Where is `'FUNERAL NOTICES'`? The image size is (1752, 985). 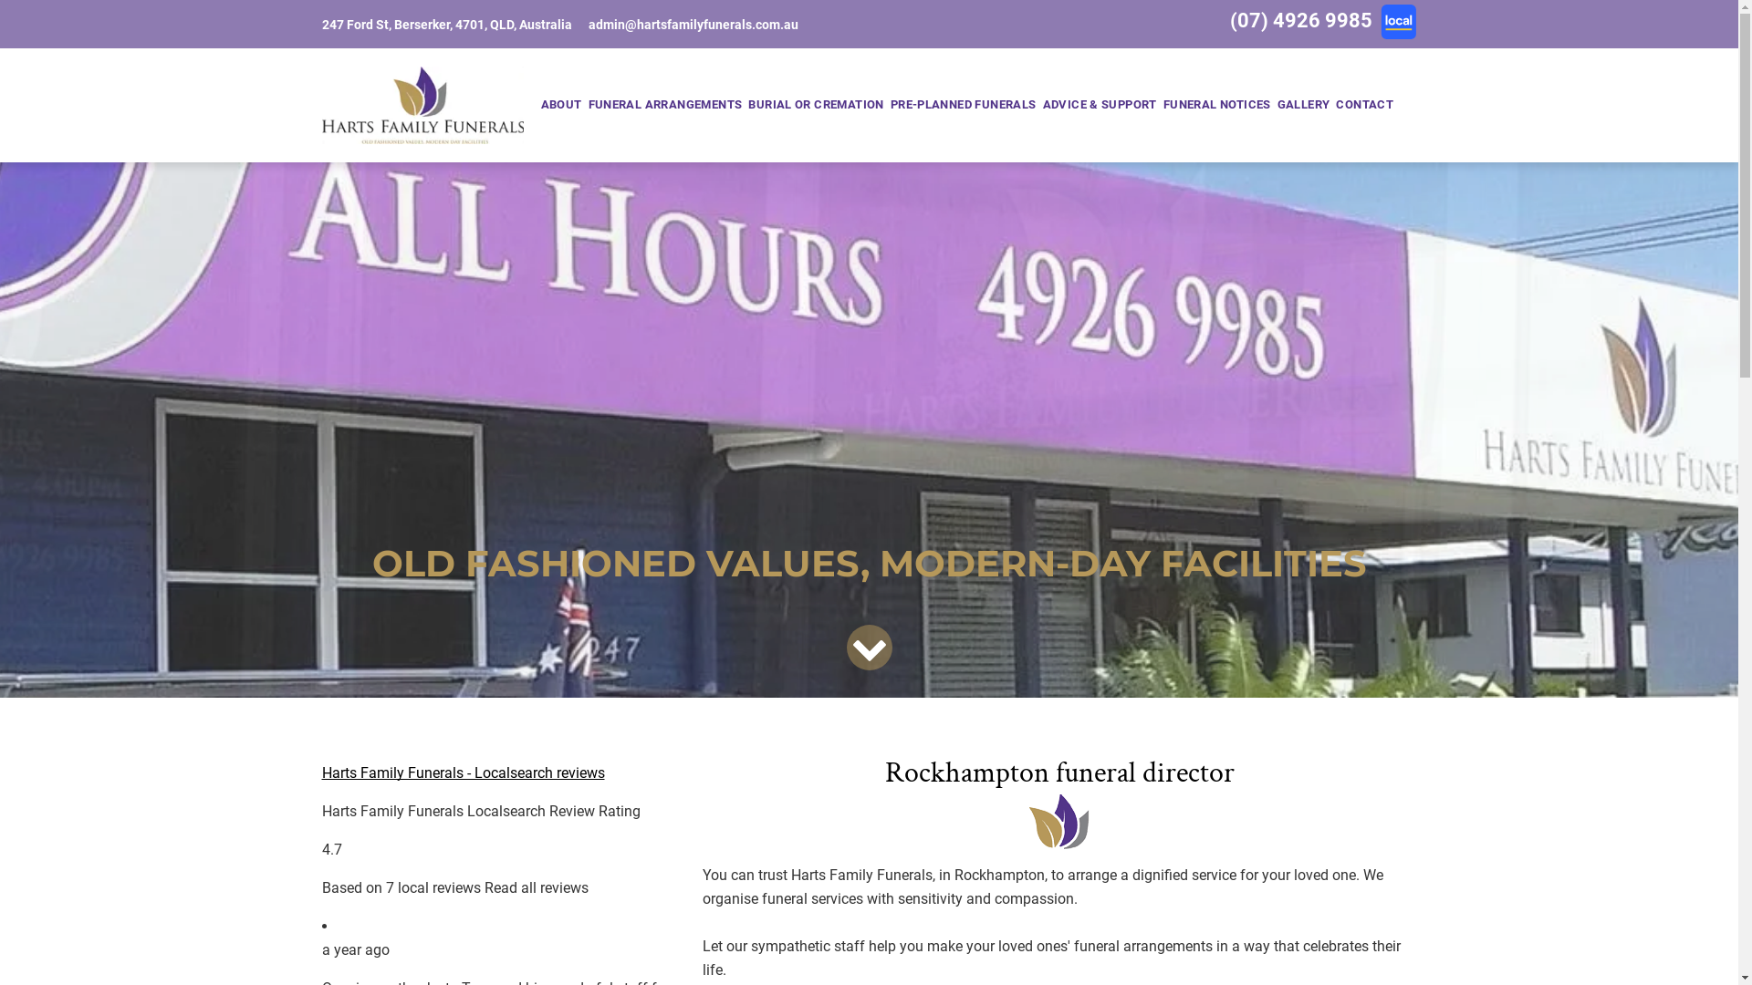 'FUNERAL NOTICES' is located at coordinates (1216, 105).